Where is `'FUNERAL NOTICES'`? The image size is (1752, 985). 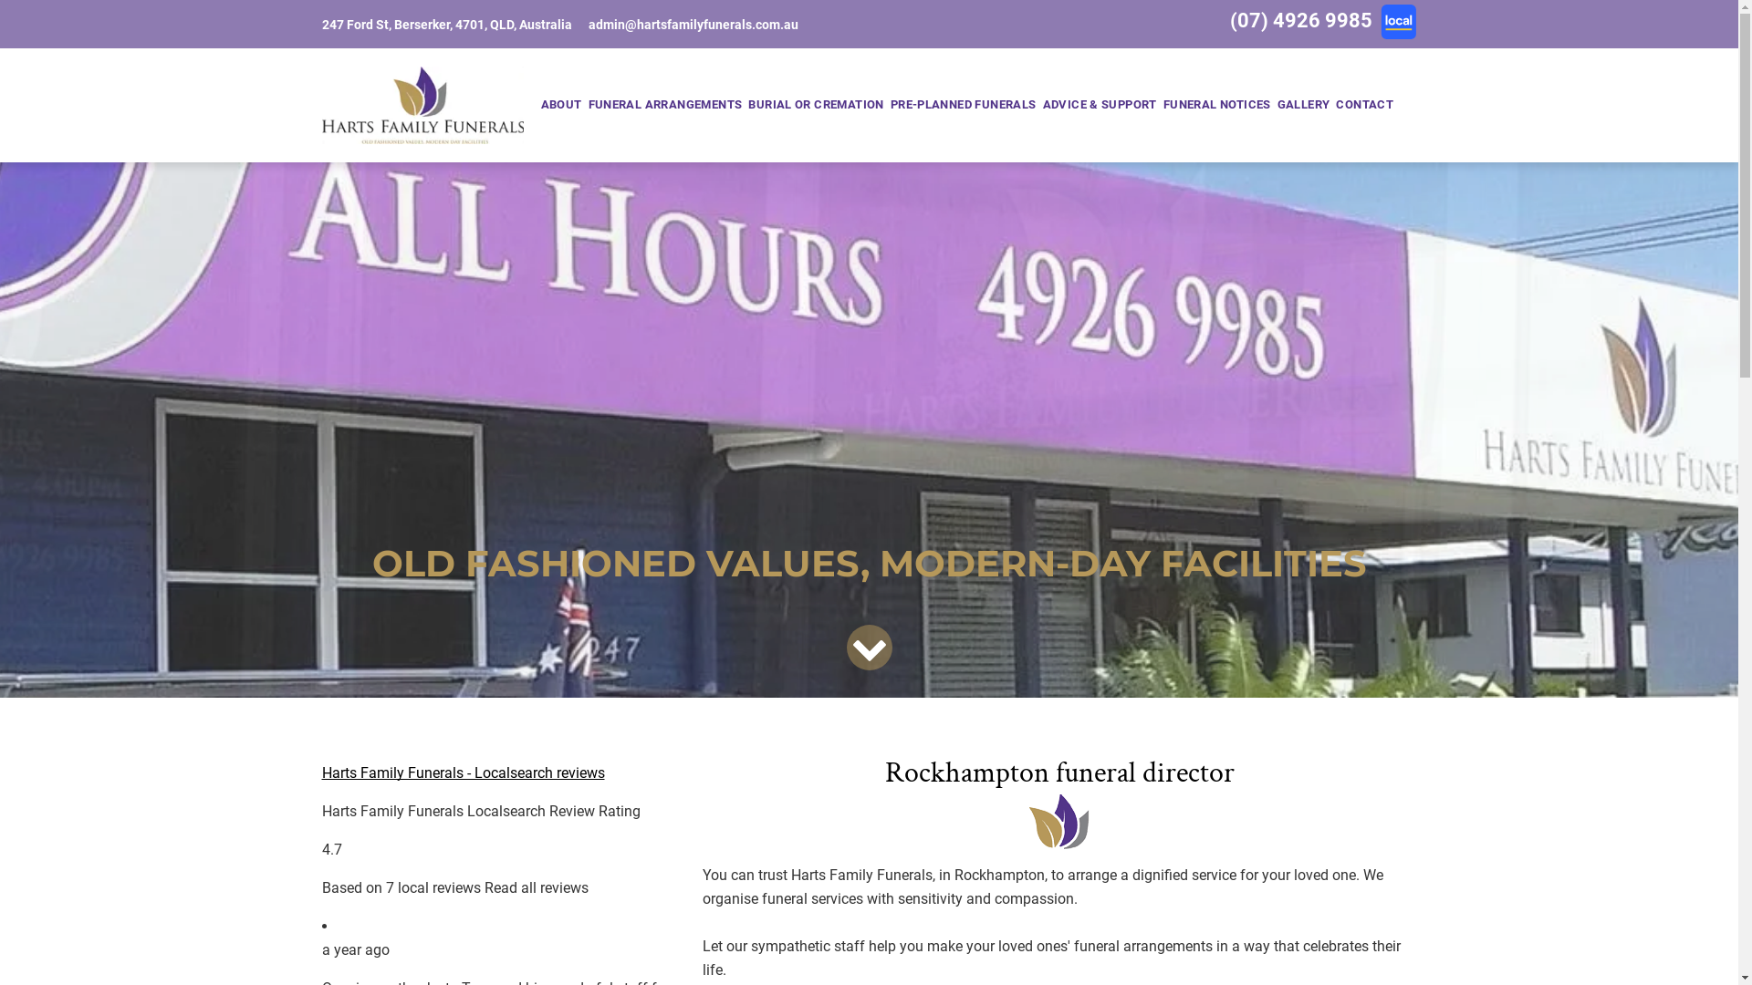 'FUNERAL NOTICES' is located at coordinates (1216, 105).